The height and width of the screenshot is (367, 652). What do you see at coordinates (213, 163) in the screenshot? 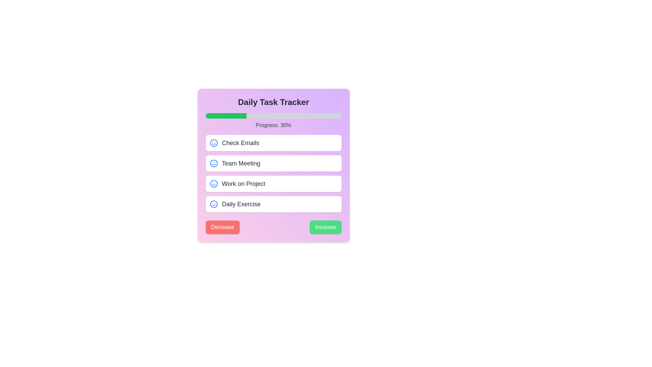
I see `central circular SVG element with a blue outline, located within the smiley face icon adjacent to the 'Team Meeting' text, using developer tools` at bounding box center [213, 163].